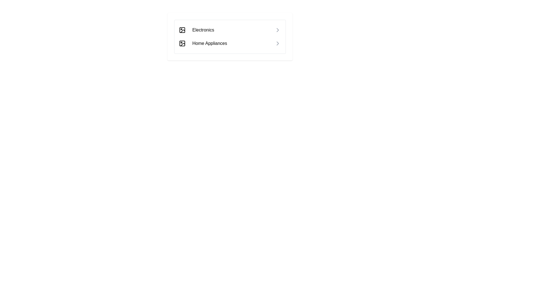  I want to click on the chevron icon located at the right edge of the 'Electronics' option, so click(277, 30).